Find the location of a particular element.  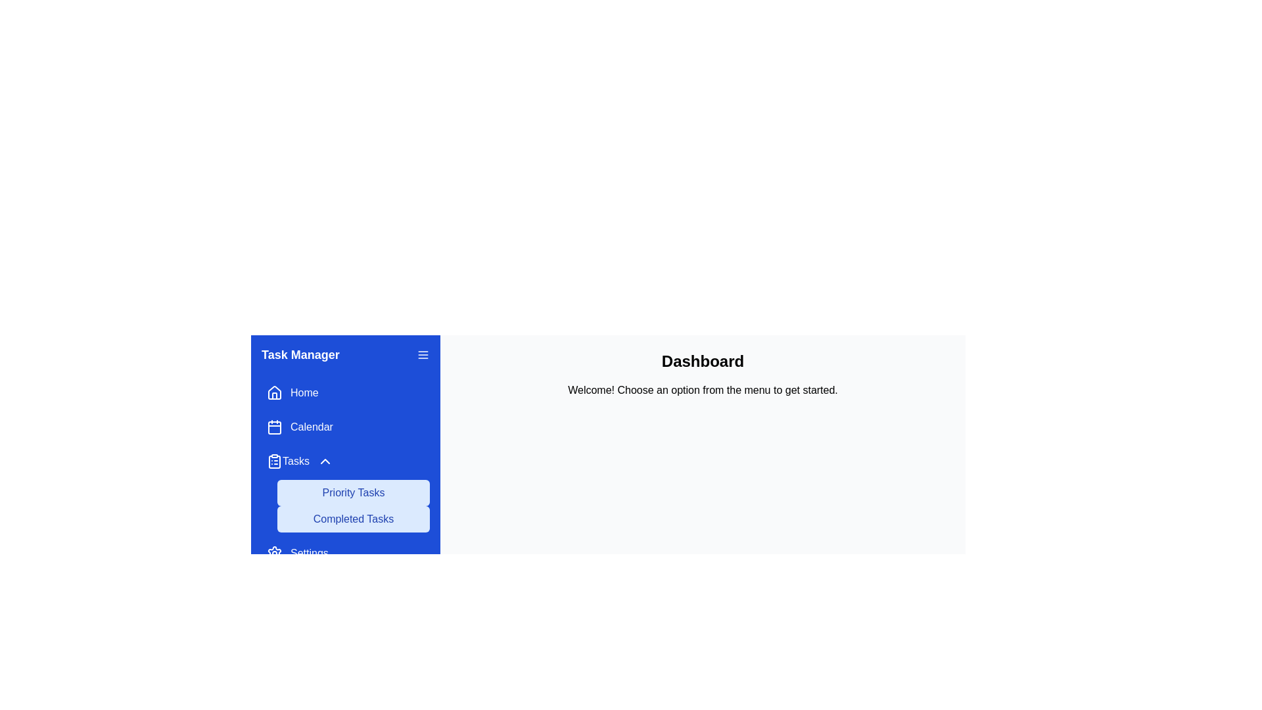

the Navigation menu with expandable options located in the left sidebar of the 'Task Manager' panel is located at coordinates (346, 473).